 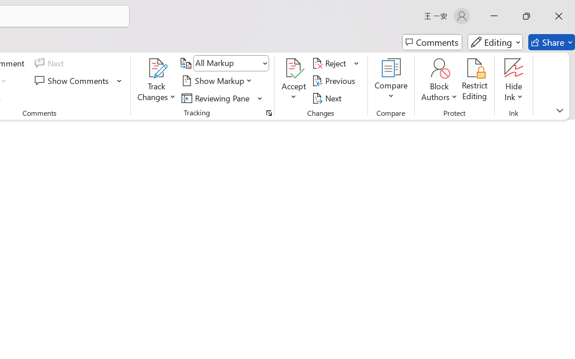 What do you see at coordinates (439, 80) in the screenshot?
I see `'Block Authors'` at bounding box center [439, 80].